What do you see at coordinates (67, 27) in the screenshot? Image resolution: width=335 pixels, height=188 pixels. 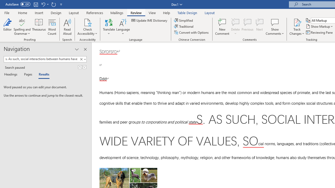 I see `'Read Aloud'` at bounding box center [67, 27].